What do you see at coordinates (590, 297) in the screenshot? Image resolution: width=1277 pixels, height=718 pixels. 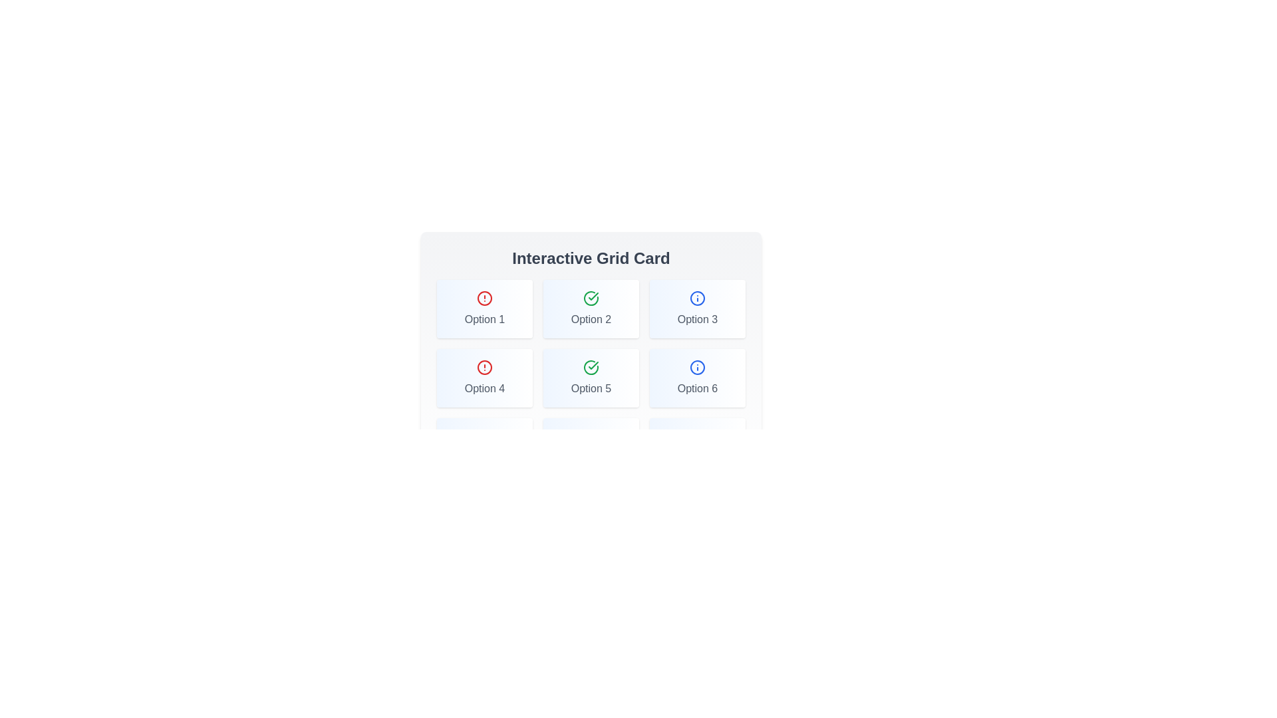 I see `the status indicator icon that signifies 'Option 5' is selected, located in the second row, first column of the interactive grid card interface` at bounding box center [590, 297].